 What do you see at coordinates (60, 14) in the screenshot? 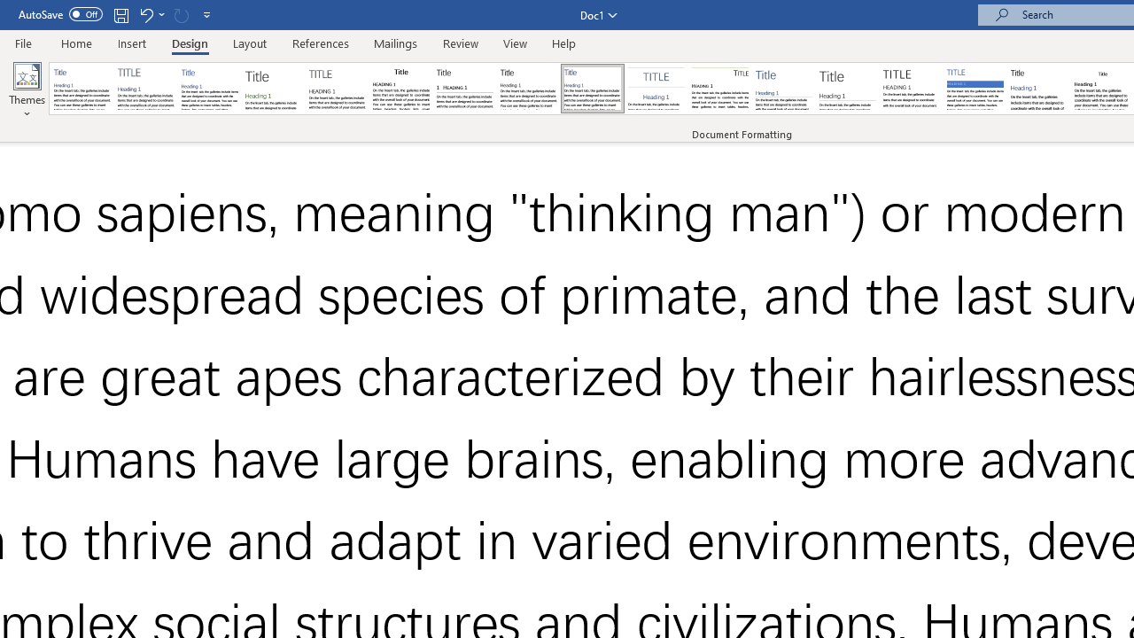
I see `'AutoSave'` at bounding box center [60, 14].